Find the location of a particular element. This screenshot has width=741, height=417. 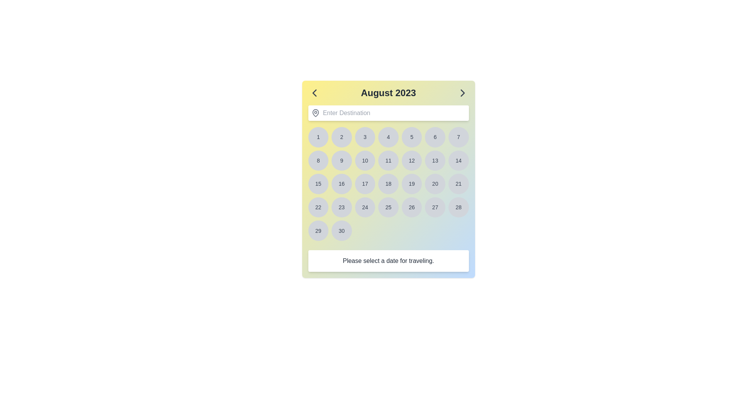

the button in the calendar interface is located at coordinates (388, 160).